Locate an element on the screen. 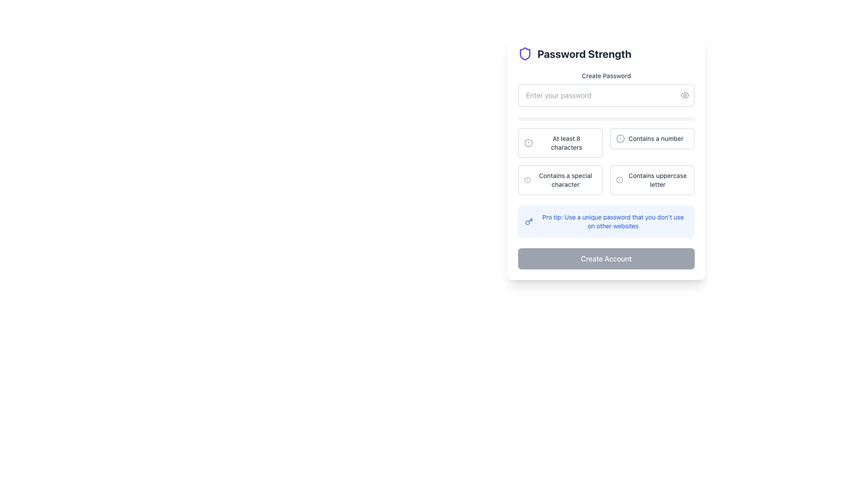 Image resolution: width=848 pixels, height=477 pixels. text 'At least 8 characters' from the text with icon indicator located in the top-left corner of the password strength indicator form is located at coordinates (560, 143).